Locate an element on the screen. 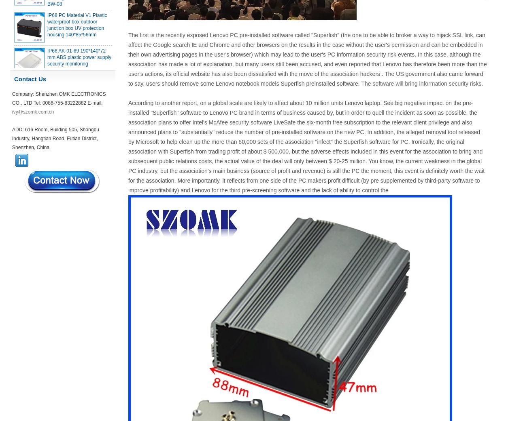 This screenshot has height=421, width=506. 'The software will bring information security risks.' is located at coordinates (422, 83).